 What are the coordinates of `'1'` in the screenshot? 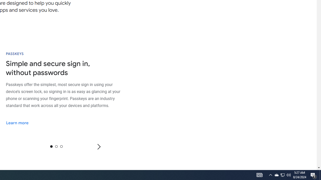 It's located at (56, 146).